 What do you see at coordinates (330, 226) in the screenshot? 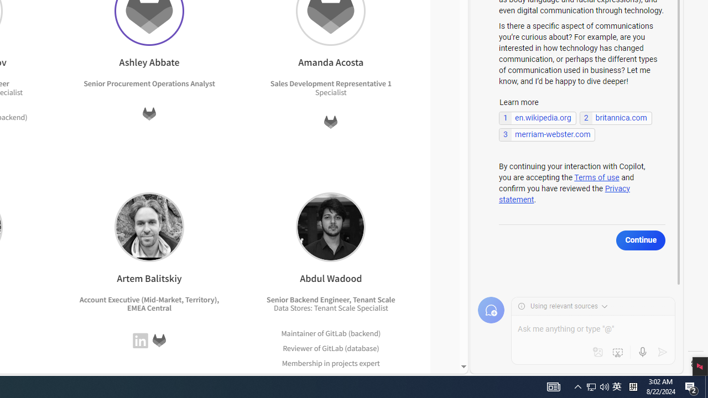
I see `'Abdul Wadood'` at bounding box center [330, 226].